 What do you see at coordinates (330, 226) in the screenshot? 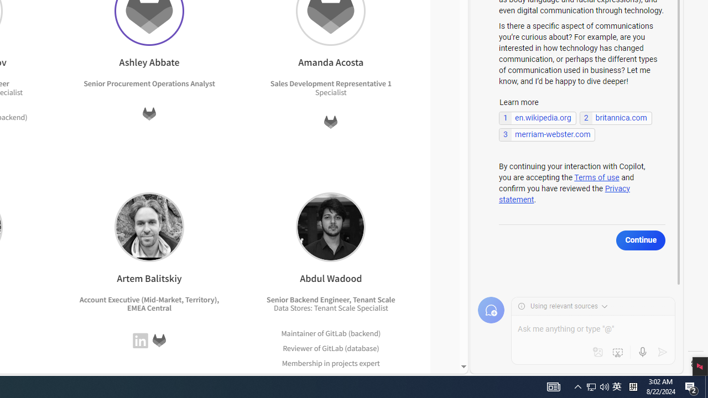
I see `'Abdul Wadood'` at bounding box center [330, 226].